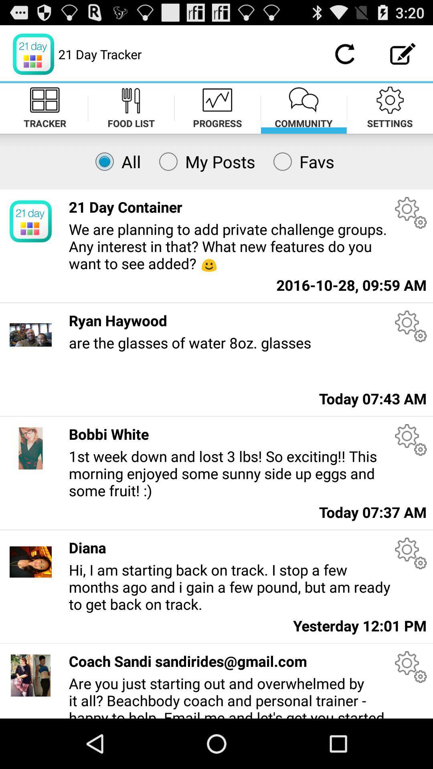 This screenshot has width=433, height=769. What do you see at coordinates (411, 667) in the screenshot?
I see `adjust individual settings` at bounding box center [411, 667].